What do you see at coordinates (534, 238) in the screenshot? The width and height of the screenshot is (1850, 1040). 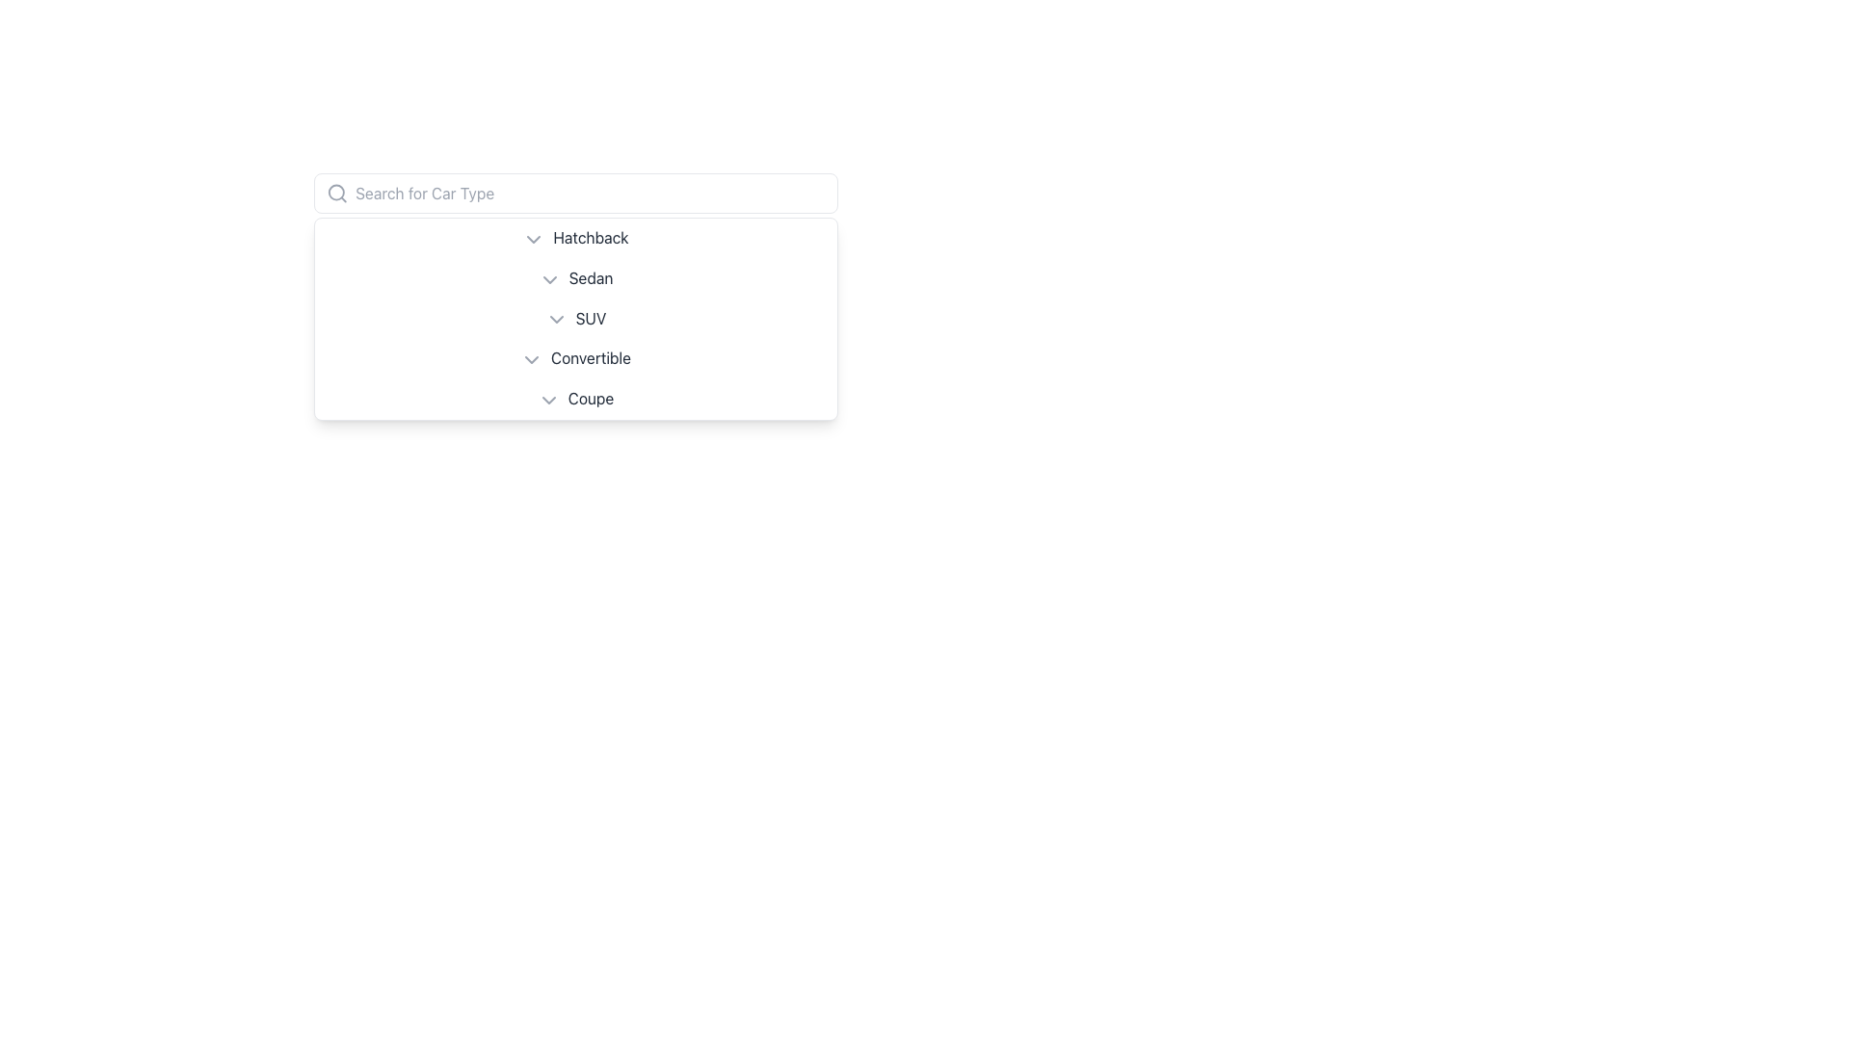 I see `the downward-facing chevron icon located to the left of the 'Hatchback' label in the first item of the dropdown menu` at bounding box center [534, 238].